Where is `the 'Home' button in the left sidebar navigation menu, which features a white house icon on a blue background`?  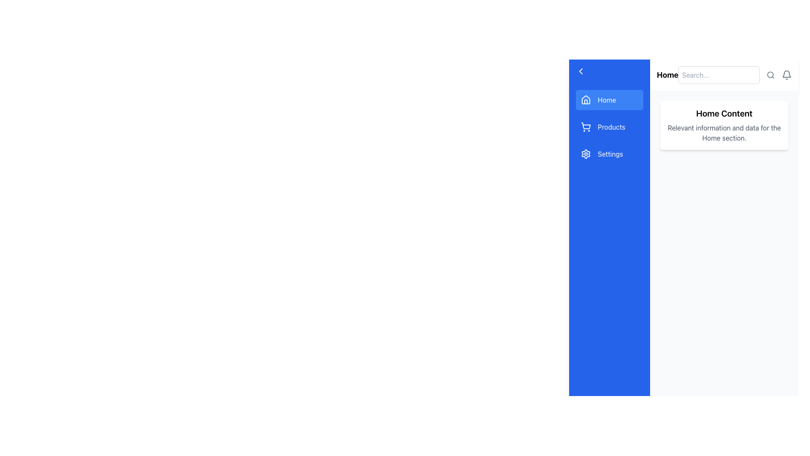
the 'Home' button in the left sidebar navigation menu, which features a white house icon on a blue background is located at coordinates (585, 99).